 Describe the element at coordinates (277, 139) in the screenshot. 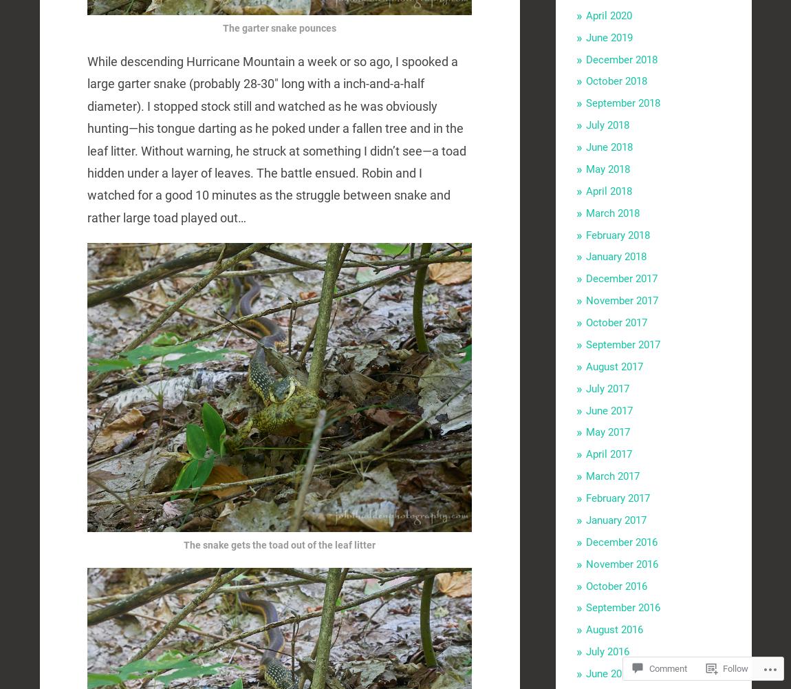

I see `'While descending Hurricane Mountain a week or so ago, I spooked a large garter snake (probably 28-30″ long with a inch-and-a-half diameter). I stopped stock still and watched as he was obviously hunting—his tongue darting as he poked under a fallen tree and in the leaf litter. Without warning, he struck at something I didn’t see—a toad hidden under a layer of leaves. The battle ensued. Robin and I watched for a good 10 minutes as the struggle between snake and rather large toad played out…'` at that location.